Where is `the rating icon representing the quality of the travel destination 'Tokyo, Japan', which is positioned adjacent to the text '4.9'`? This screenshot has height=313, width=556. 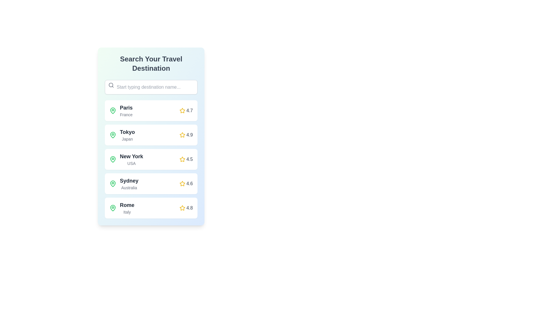 the rating icon representing the quality of the travel destination 'Tokyo, Japan', which is positioned adjacent to the text '4.9' is located at coordinates (182, 135).